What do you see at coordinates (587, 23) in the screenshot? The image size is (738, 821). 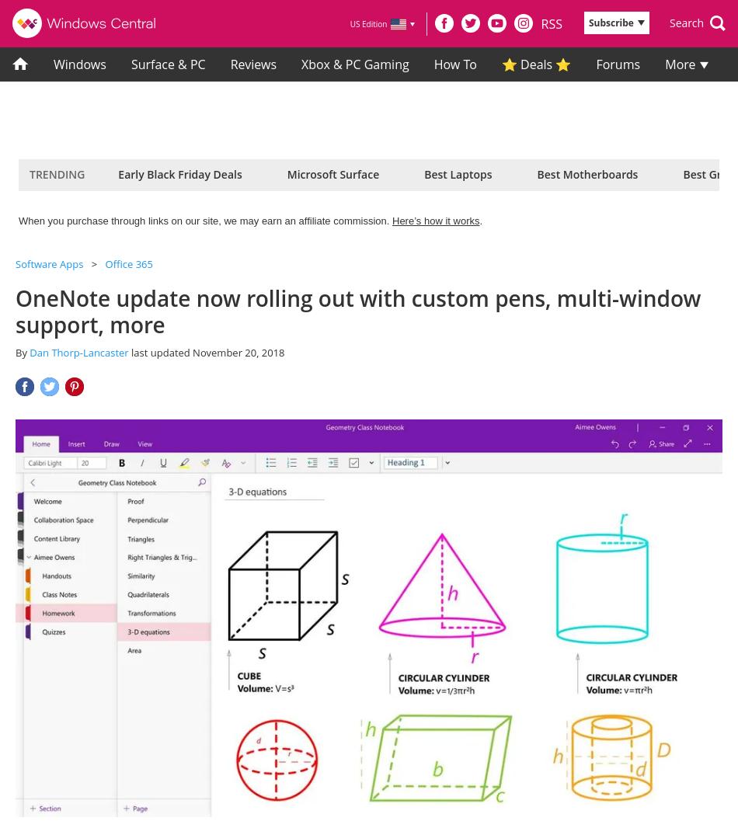 I see `'Subscribe'` at bounding box center [587, 23].